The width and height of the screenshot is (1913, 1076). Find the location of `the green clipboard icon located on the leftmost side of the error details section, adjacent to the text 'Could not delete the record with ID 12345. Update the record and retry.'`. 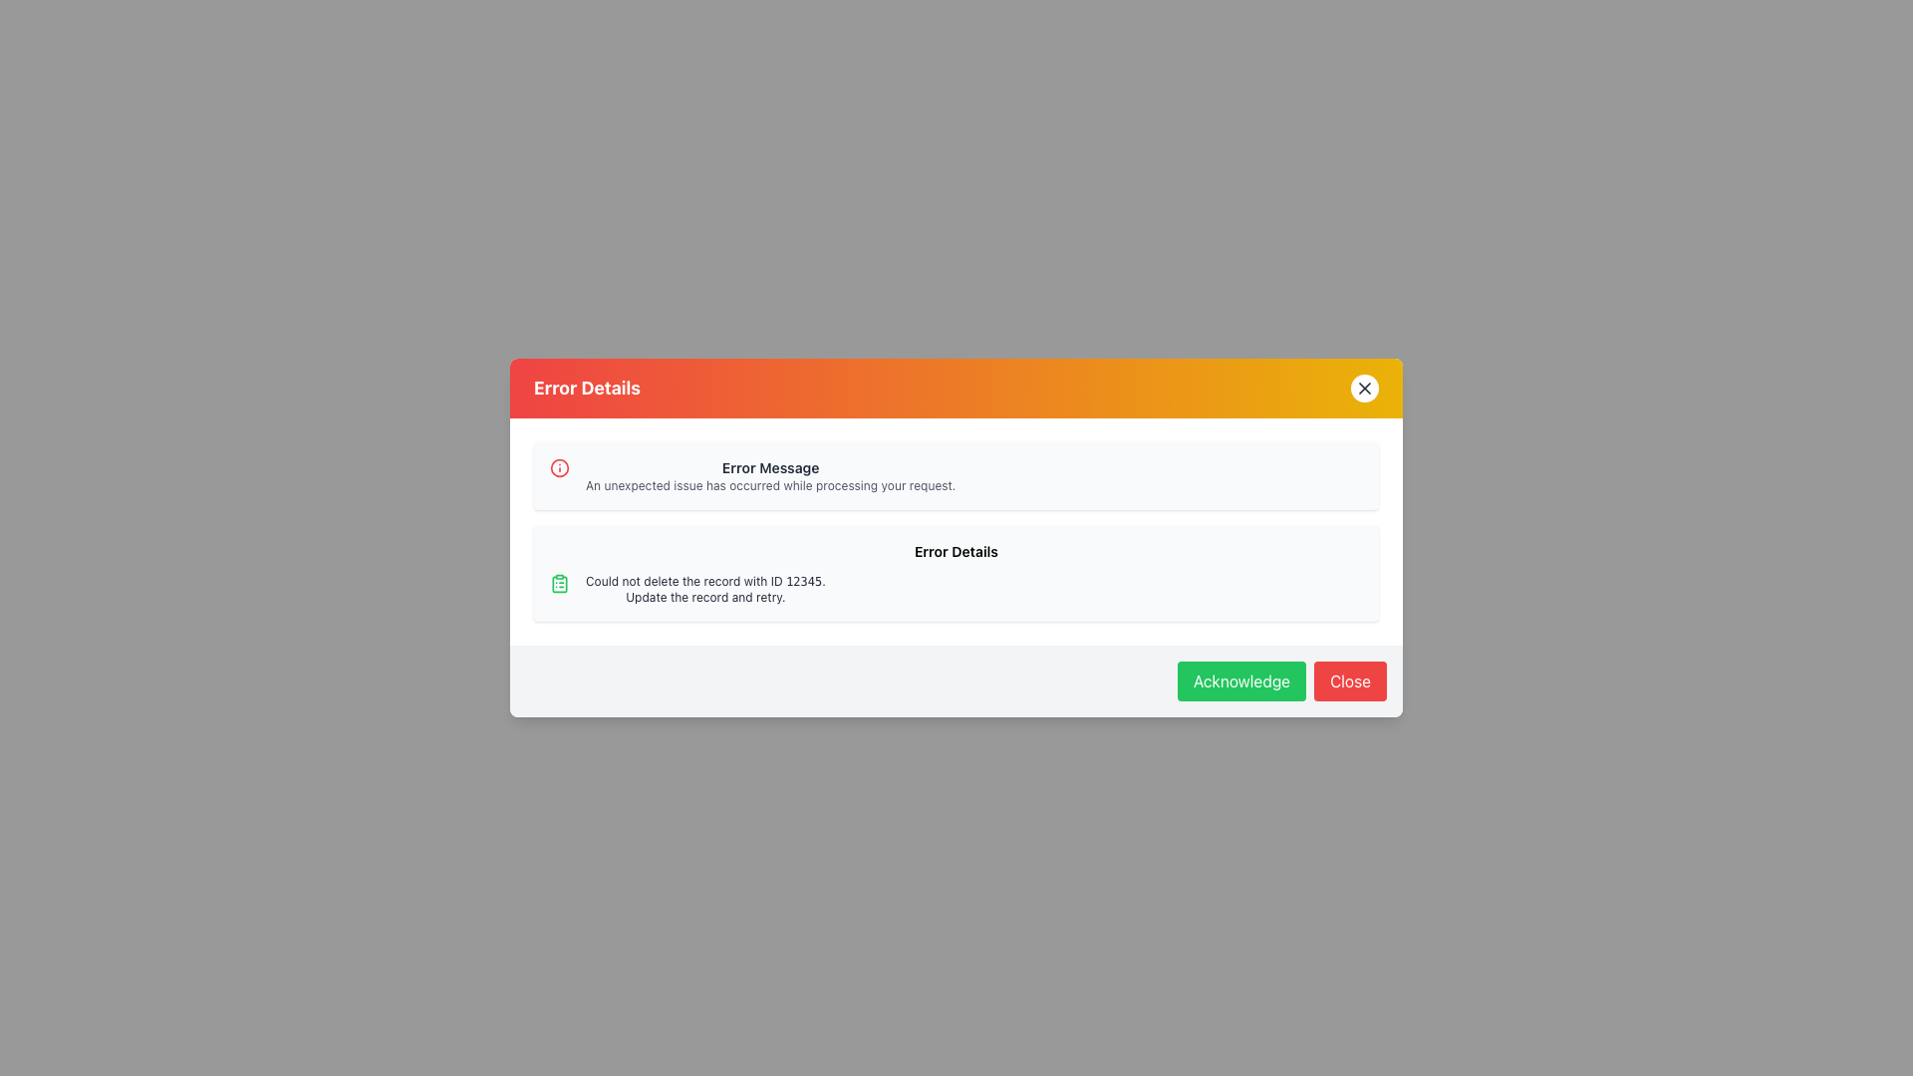

the green clipboard icon located on the leftmost side of the error details section, adjacent to the text 'Could not delete the record with ID 12345. Update the record and retry.' is located at coordinates (558, 583).